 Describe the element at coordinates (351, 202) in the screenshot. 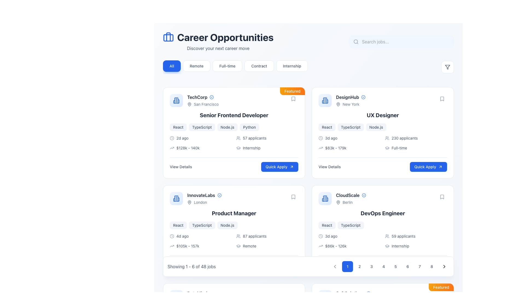

I see `the Text with Icon indicating the geographical location (Berlin) related to the 'CloudScale' job posting for more details` at that location.